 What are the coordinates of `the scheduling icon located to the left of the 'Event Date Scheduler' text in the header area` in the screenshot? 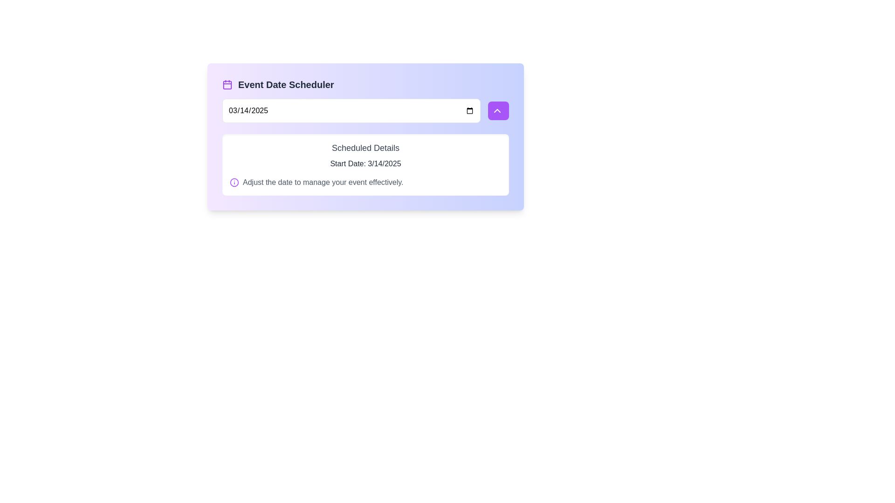 It's located at (227, 84).